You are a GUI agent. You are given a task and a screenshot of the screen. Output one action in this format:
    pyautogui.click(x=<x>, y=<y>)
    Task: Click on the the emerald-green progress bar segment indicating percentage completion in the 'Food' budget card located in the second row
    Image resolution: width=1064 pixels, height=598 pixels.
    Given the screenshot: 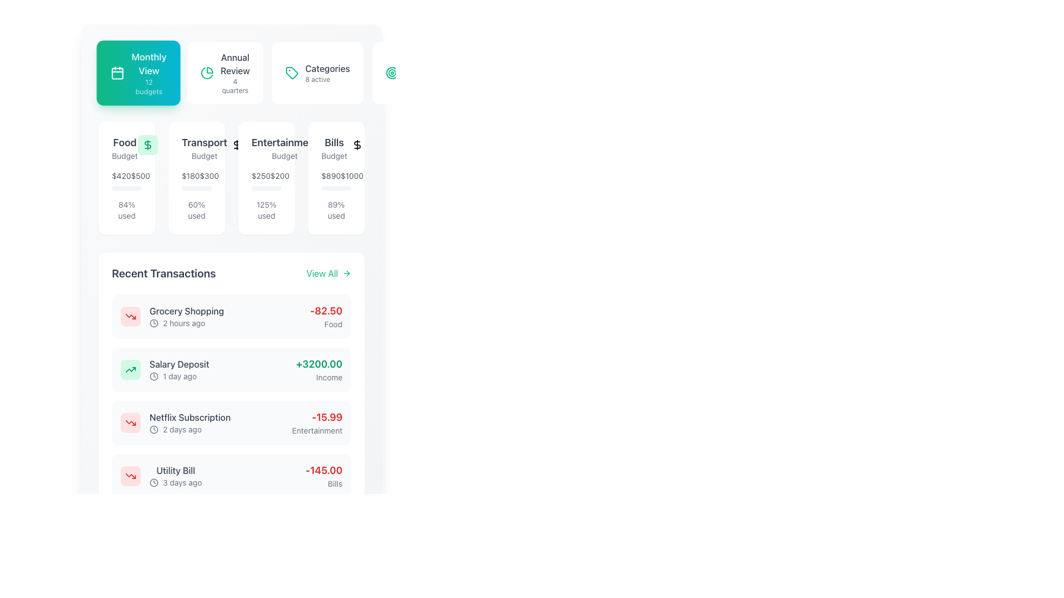 What is the action you would take?
    pyautogui.click(x=124, y=187)
    